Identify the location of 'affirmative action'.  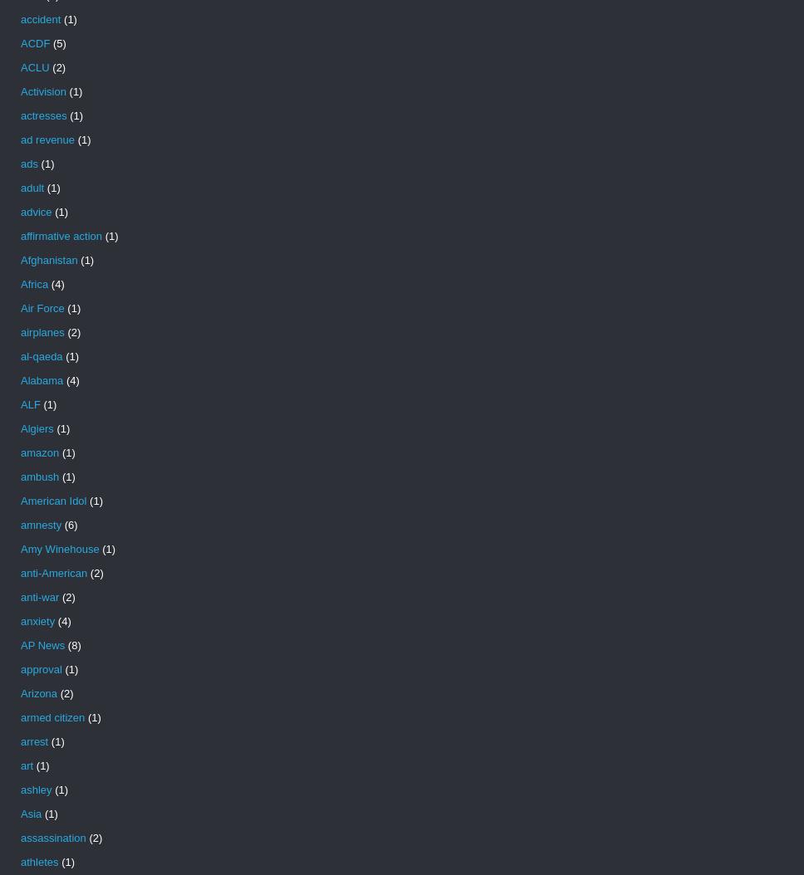
(60, 235).